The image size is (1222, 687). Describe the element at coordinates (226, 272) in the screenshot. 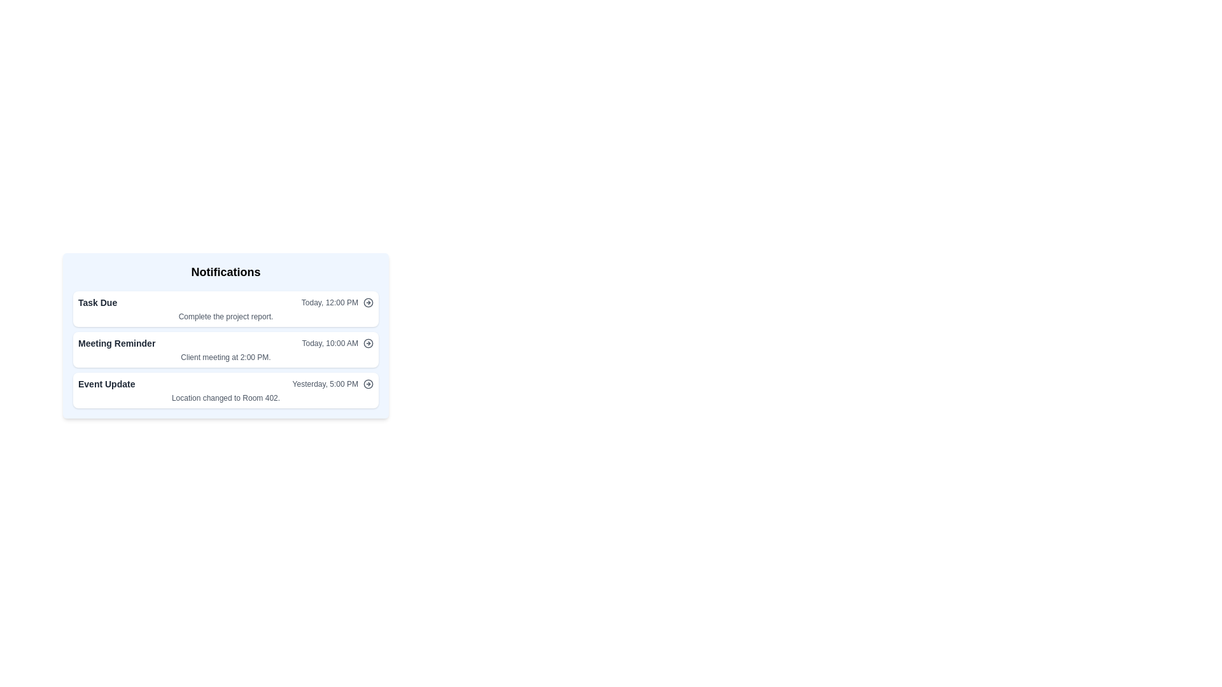

I see `the text label that indicates the notifications section at the top of the notification panel` at that location.